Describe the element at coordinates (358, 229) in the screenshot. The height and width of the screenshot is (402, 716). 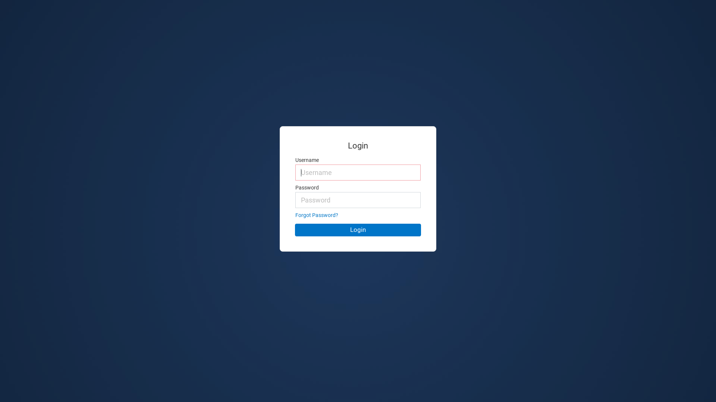
I see `'Login'` at that location.